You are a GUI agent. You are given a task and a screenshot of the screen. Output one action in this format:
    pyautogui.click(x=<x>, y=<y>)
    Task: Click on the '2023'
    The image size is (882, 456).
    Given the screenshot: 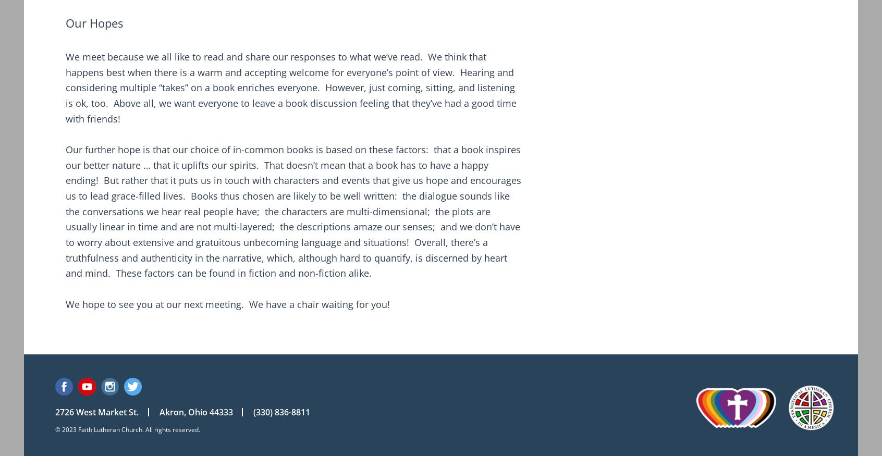 What is the action you would take?
    pyautogui.click(x=69, y=429)
    